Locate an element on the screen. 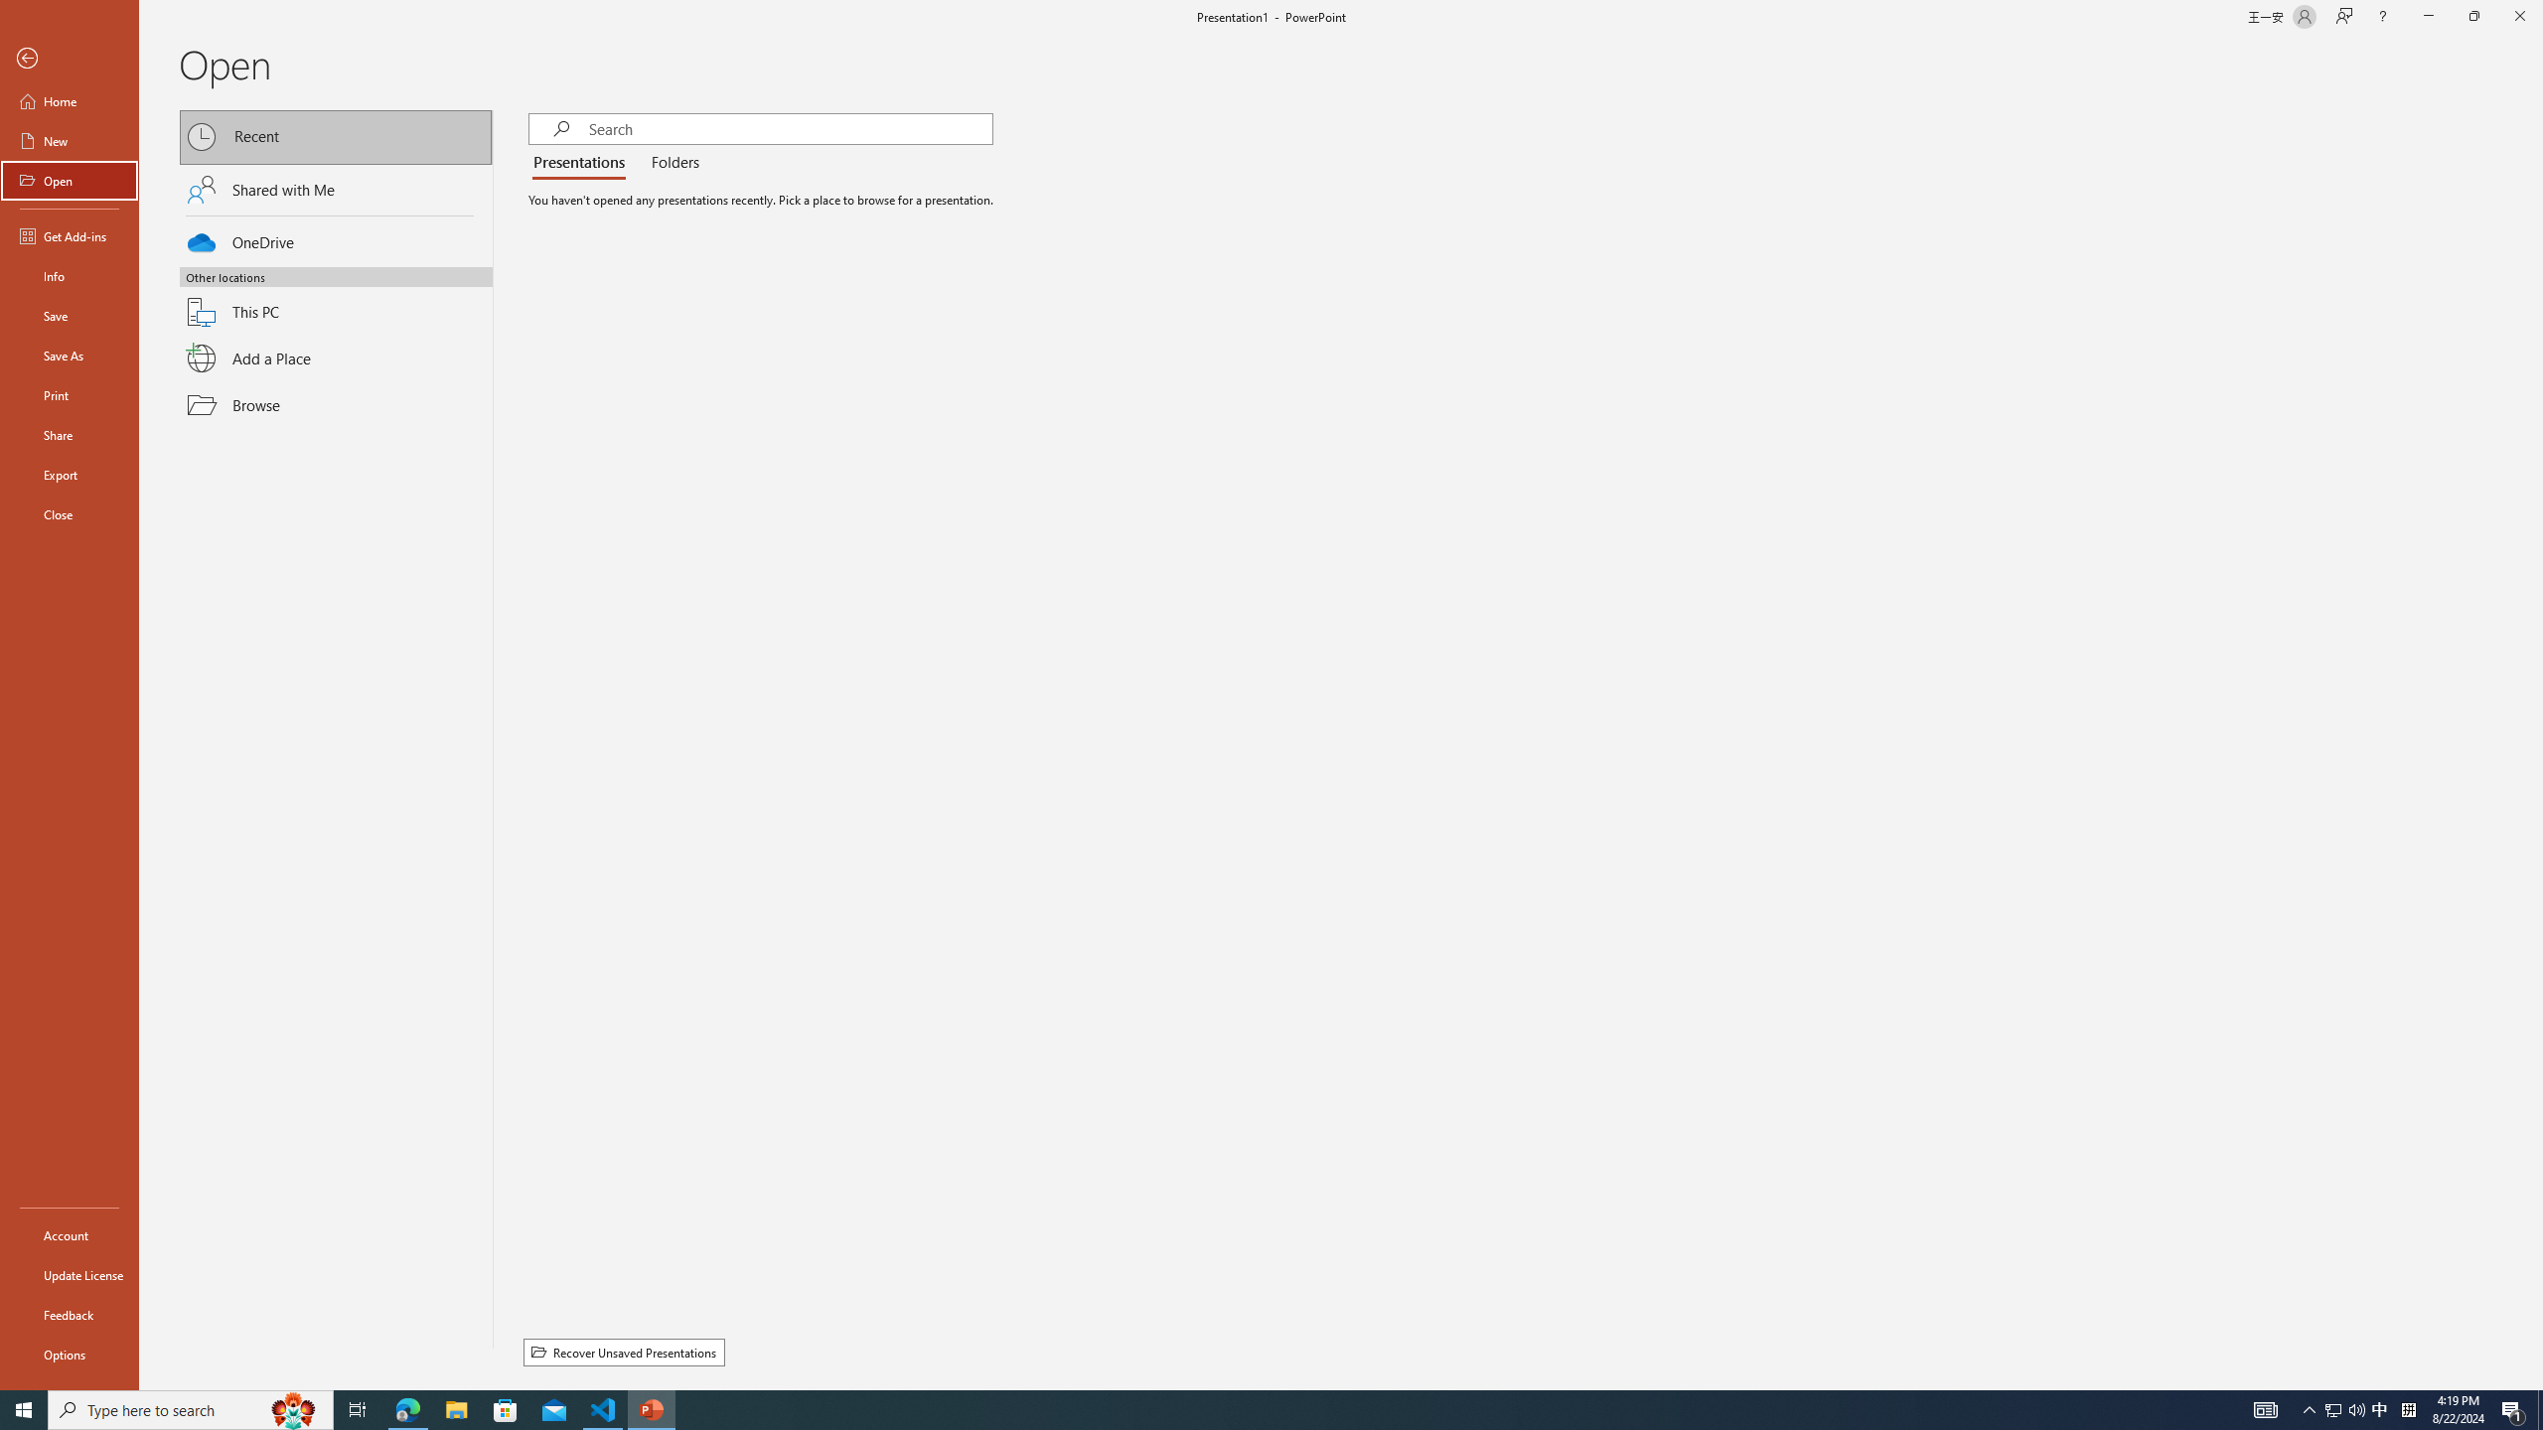 This screenshot has height=1430, width=2543. 'Options' is located at coordinates (69, 1354).